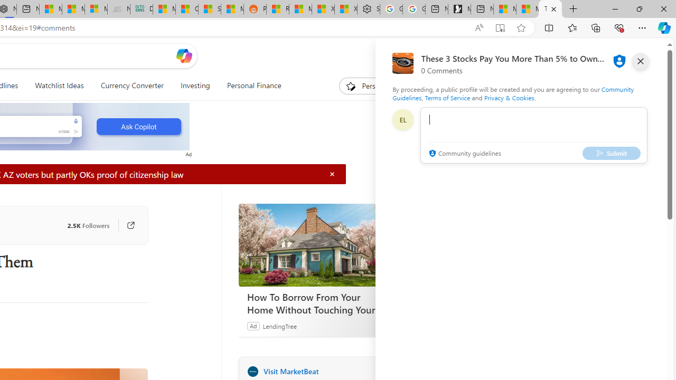  I want to click on 'Go to publisher', so click(125, 224).